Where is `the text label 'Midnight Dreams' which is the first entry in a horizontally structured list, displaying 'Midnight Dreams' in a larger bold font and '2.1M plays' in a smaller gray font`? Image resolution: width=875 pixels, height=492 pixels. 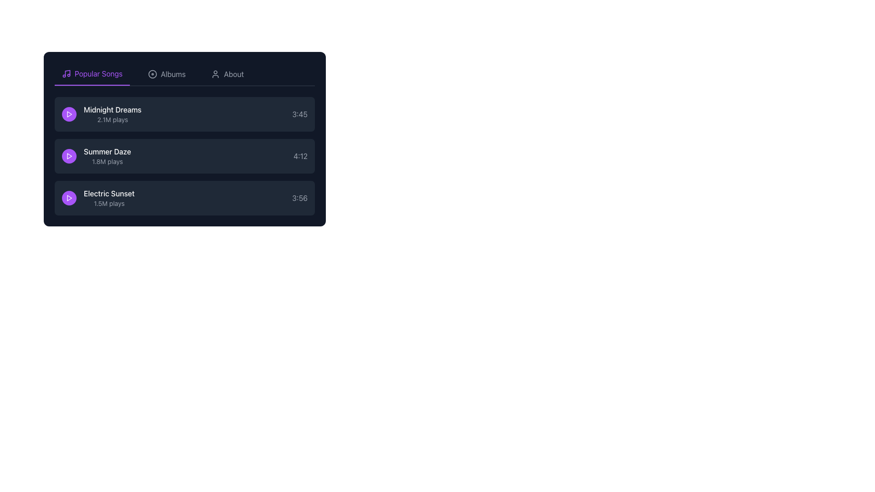 the text label 'Midnight Dreams' which is the first entry in a horizontally structured list, displaying 'Midnight Dreams' in a larger bold font and '2.1M plays' in a smaller gray font is located at coordinates (102, 113).